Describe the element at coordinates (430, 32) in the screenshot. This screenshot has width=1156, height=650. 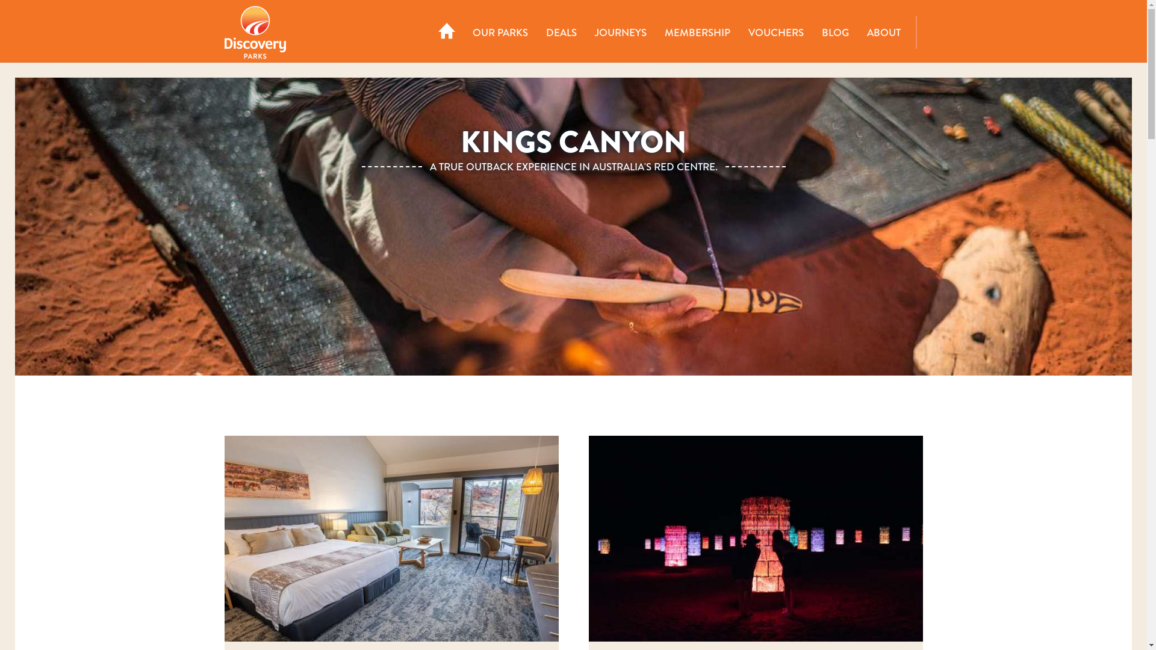
I see `'HOME'` at that location.